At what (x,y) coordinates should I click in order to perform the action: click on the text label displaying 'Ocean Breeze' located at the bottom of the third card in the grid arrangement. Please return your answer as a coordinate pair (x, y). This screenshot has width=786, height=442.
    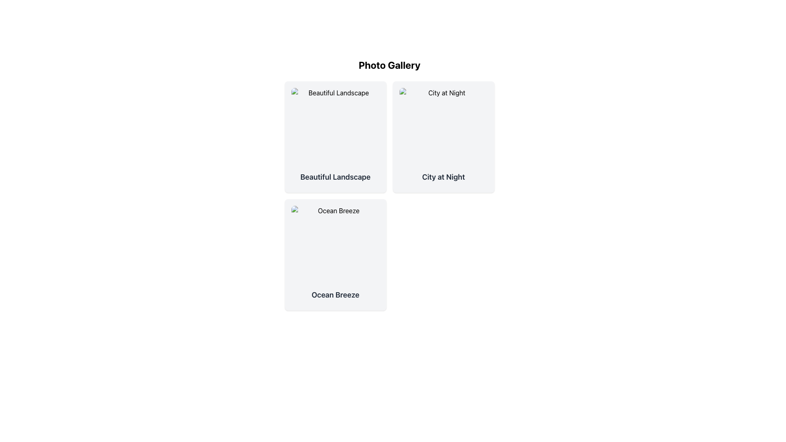
    Looking at the image, I should click on (335, 295).